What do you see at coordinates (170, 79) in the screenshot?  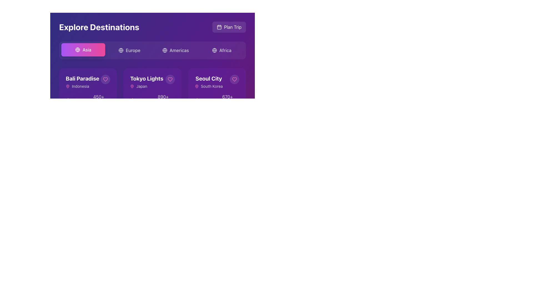 I see `the circular button with a heart icon in the top-right area of the 'Tokyo Lights' card to mark it as favorite` at bounding box center [170, 79].